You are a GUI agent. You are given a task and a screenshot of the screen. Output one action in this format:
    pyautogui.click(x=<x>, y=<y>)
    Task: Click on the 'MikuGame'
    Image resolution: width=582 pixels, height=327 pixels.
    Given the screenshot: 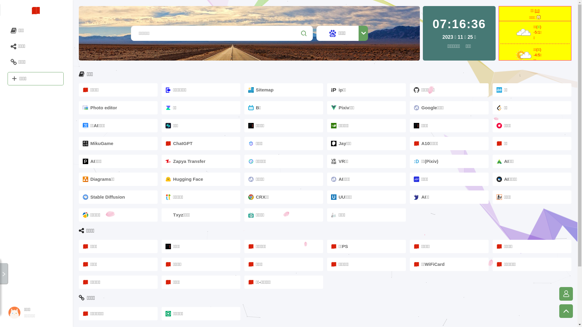 What is the action you would take?
    pyautogui.click(x=118, y=144)
    